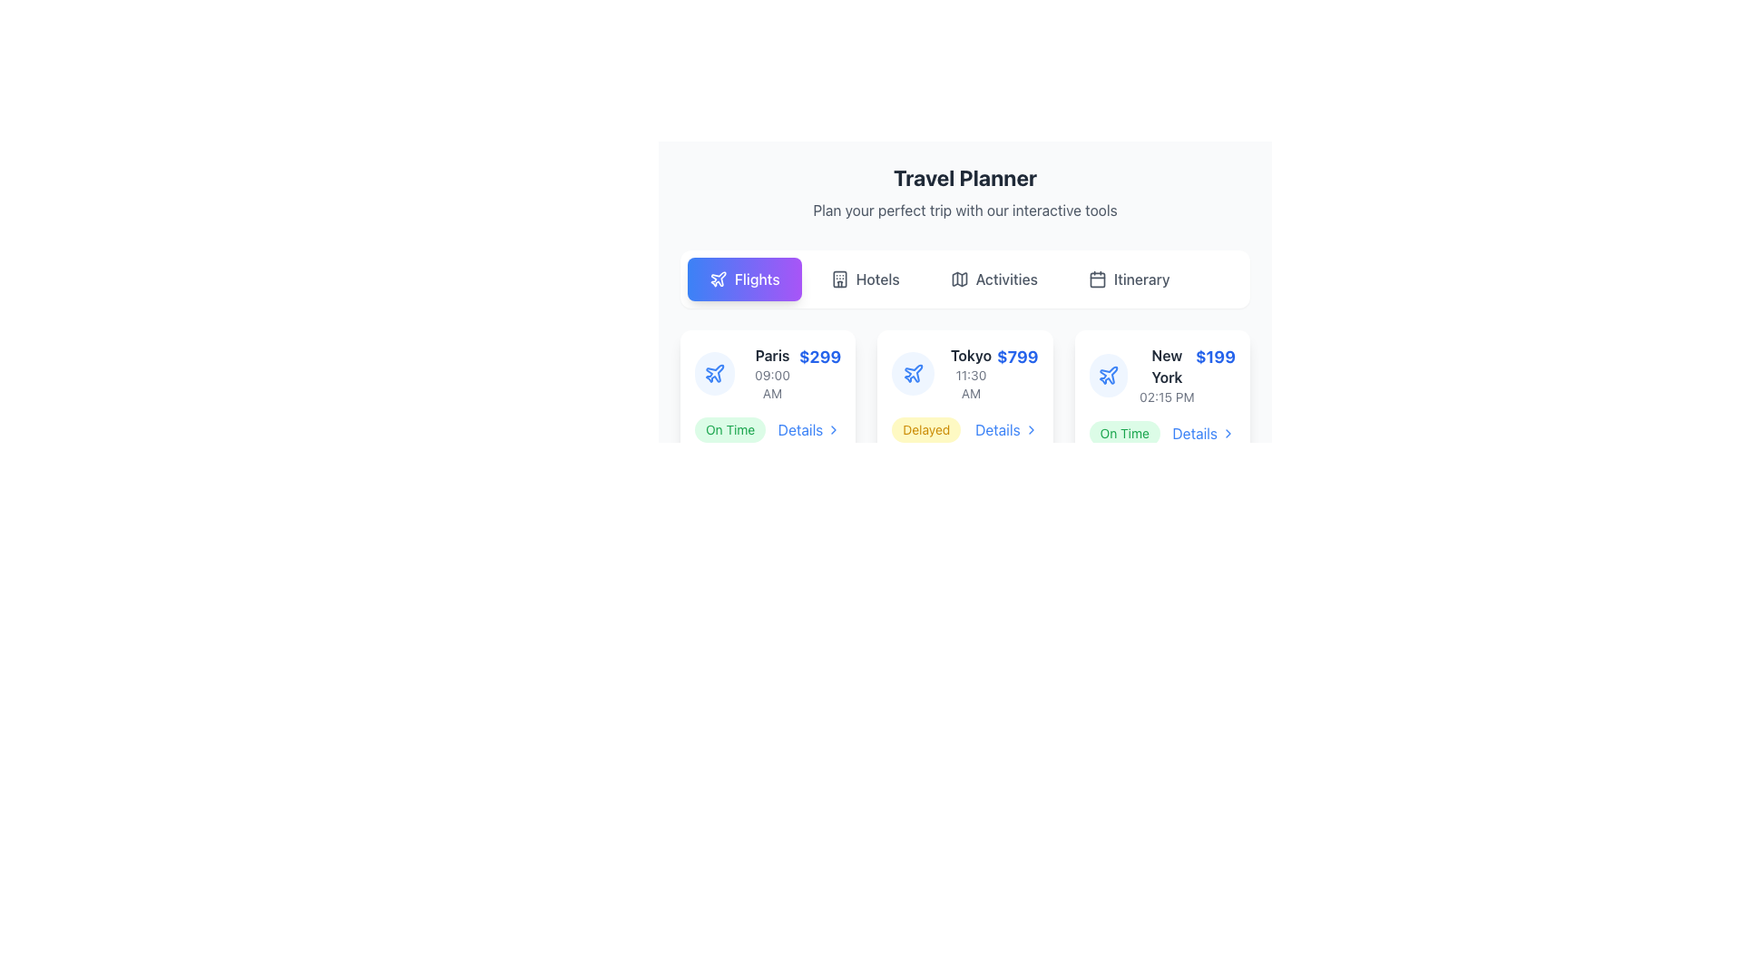 This screenshot has width=1742, height=980. What do you see at coordinates (993, 279) in the screenshot?
I see `the 'Activities' button in the navigation bar under the 'Travel Planner' header to change its background color` at bounding box center [993, 279].